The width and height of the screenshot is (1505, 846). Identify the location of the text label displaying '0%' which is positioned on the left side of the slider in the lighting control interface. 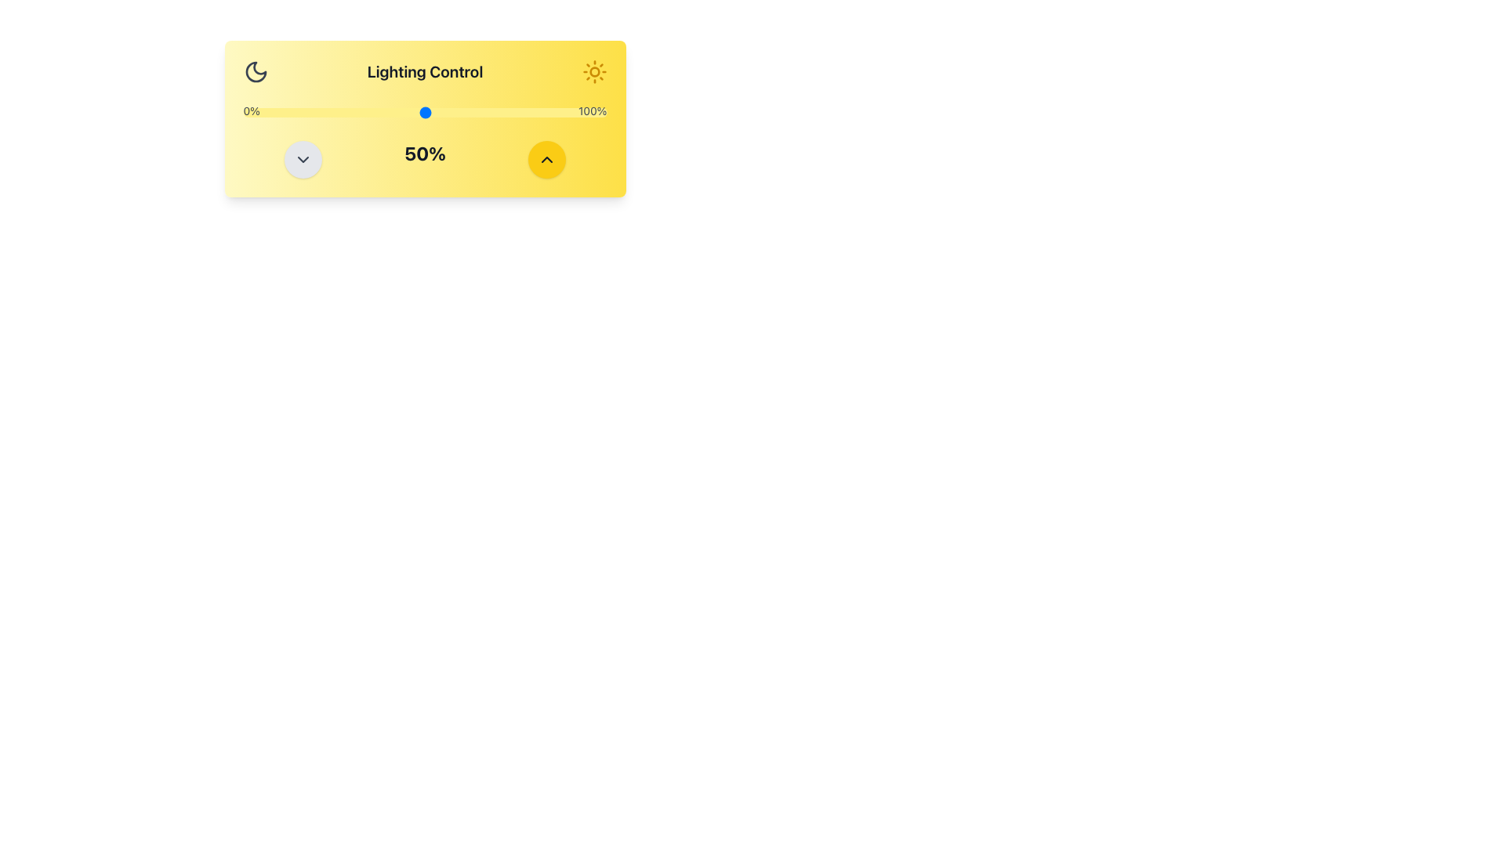
(252, 111).